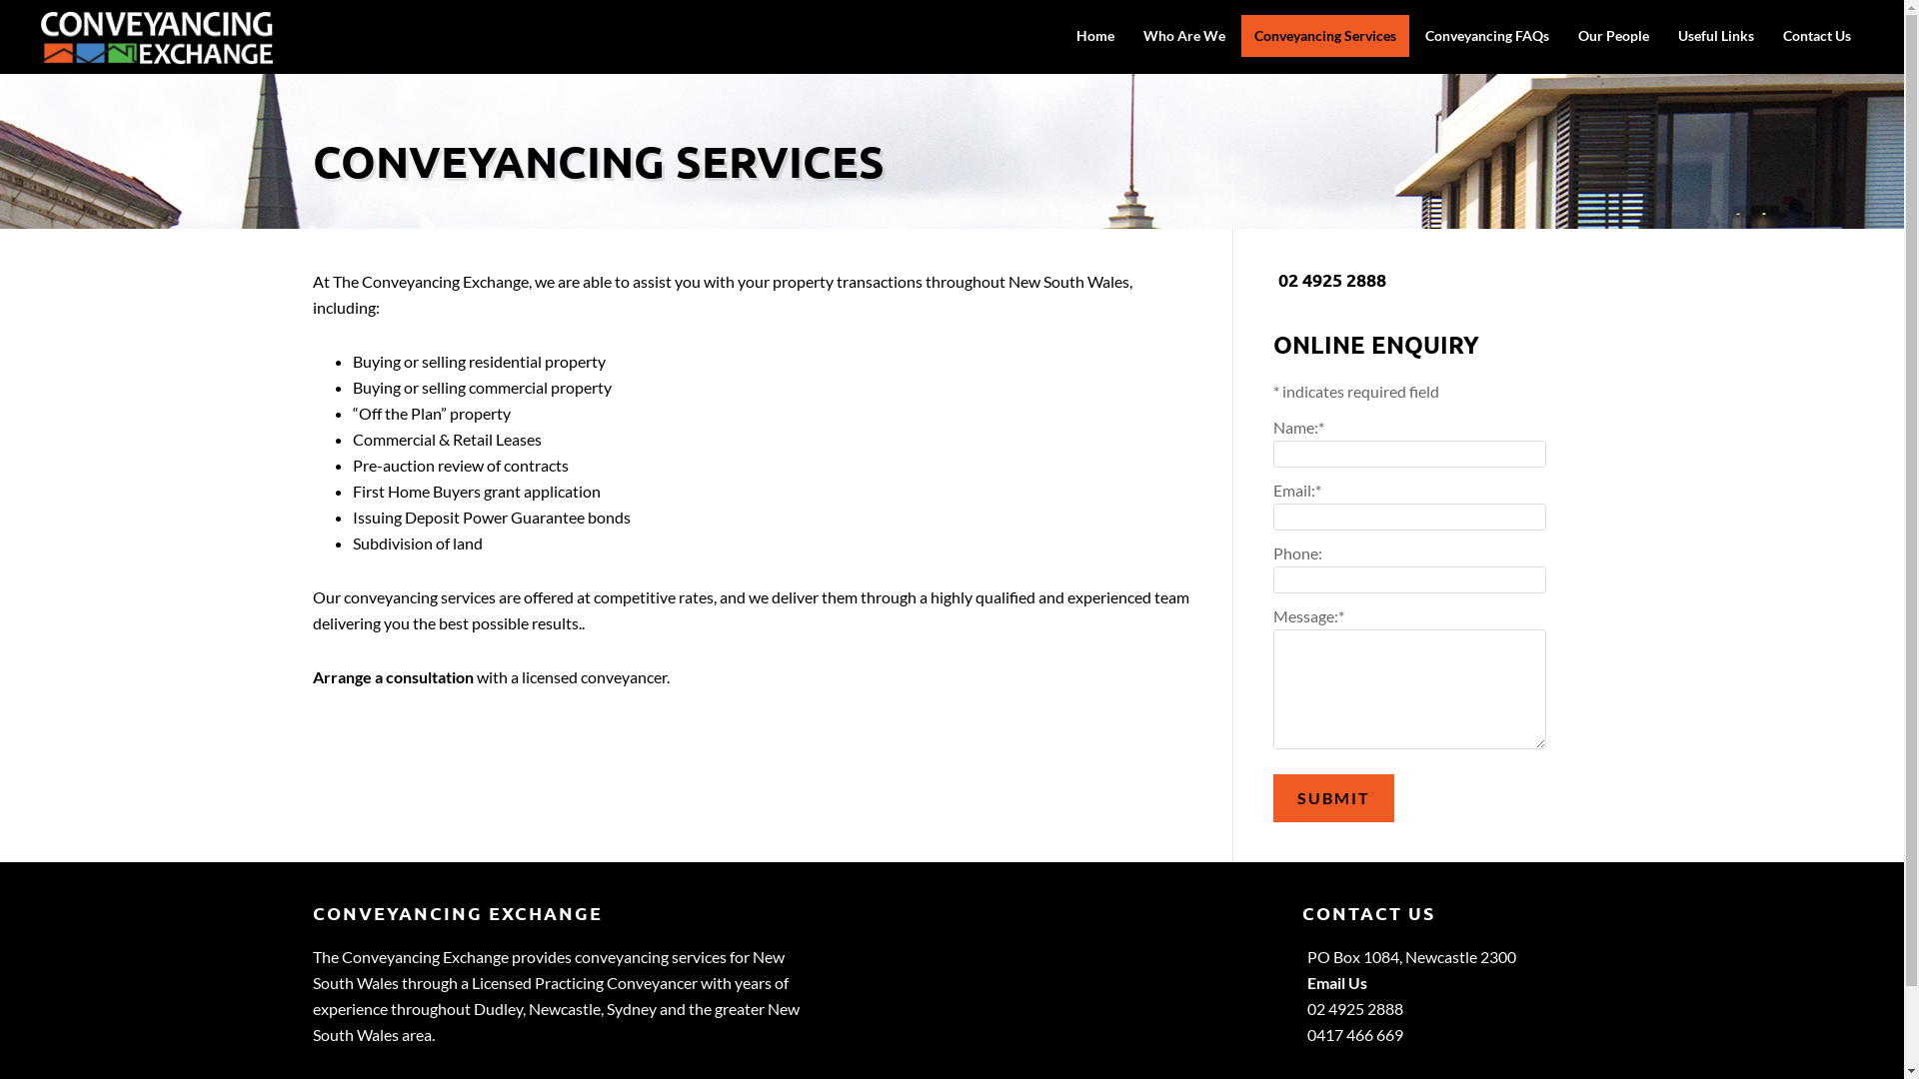 The image size is (1919, 1079). I want to click on 'Contact Us', so click(1770, 35).